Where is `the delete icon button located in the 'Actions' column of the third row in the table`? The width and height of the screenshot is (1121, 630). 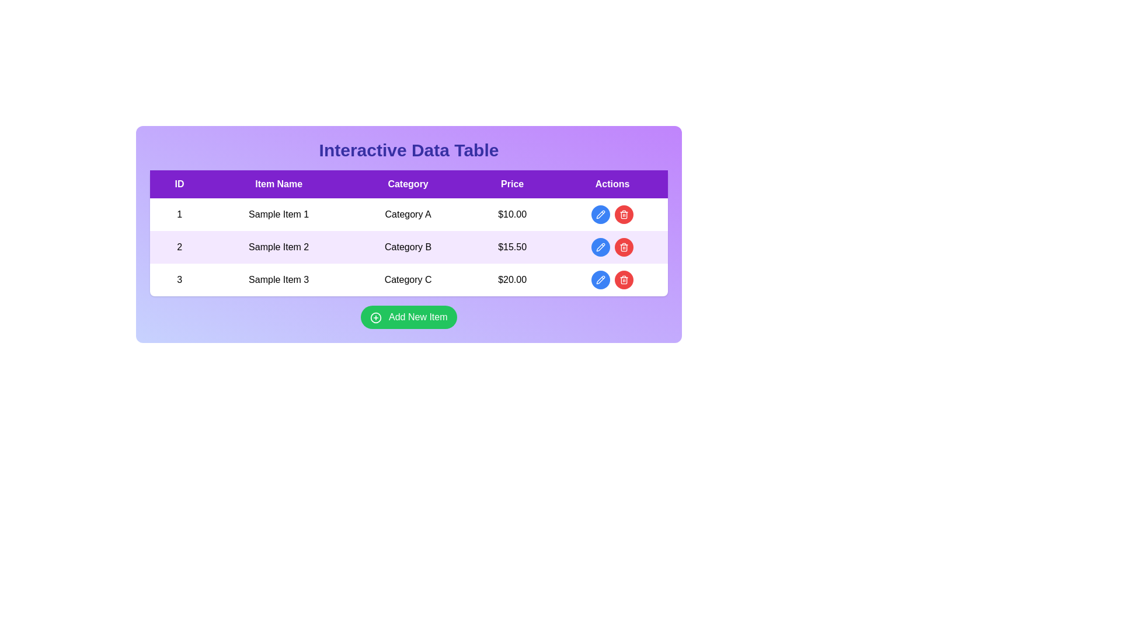 the delete icon button located in the 'Actions' column of the third row in the table is located at coordinates (624, 279).